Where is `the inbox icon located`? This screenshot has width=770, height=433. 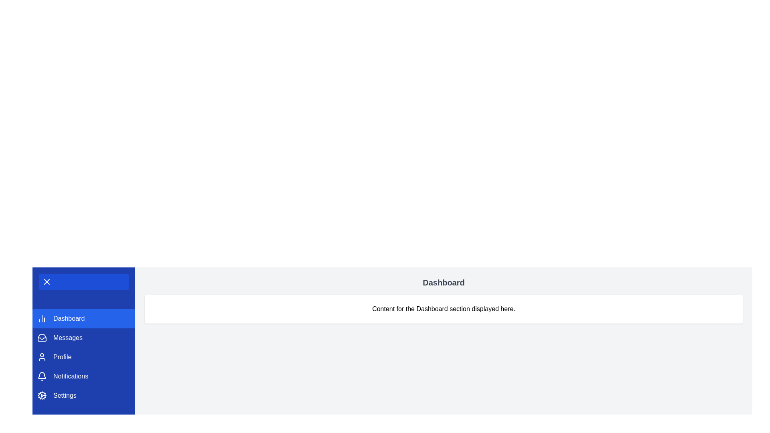 the inbox icon located is located at coordinates (42, 338).